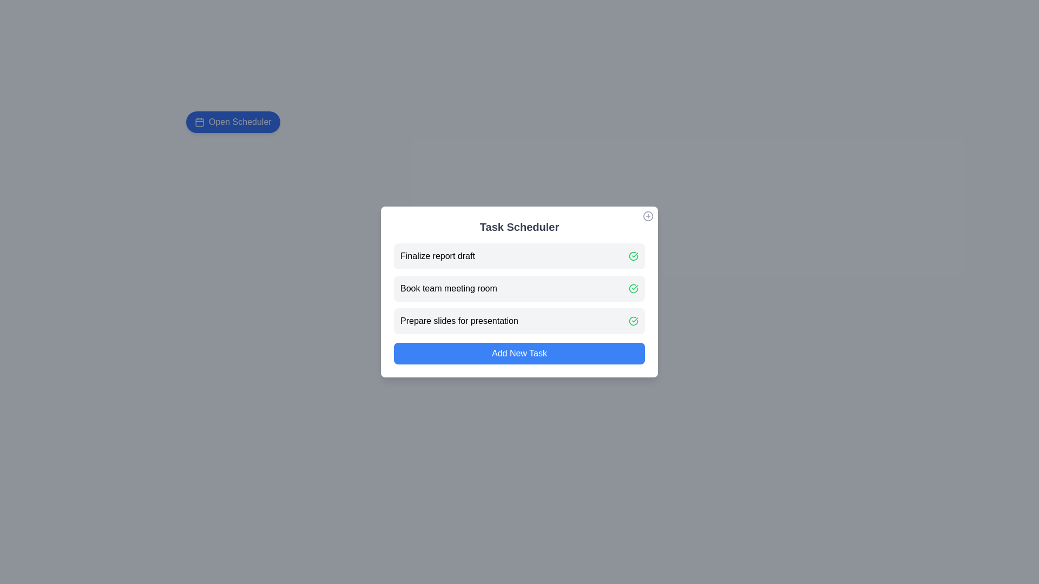  What do you see at coordinates (648, 216) in the screenshot?
I see `the small circular button with a '+' icon located in the upper-right corner of the 'Task Scheduler' dialog box to change its color` at bounding box center [648, 216].